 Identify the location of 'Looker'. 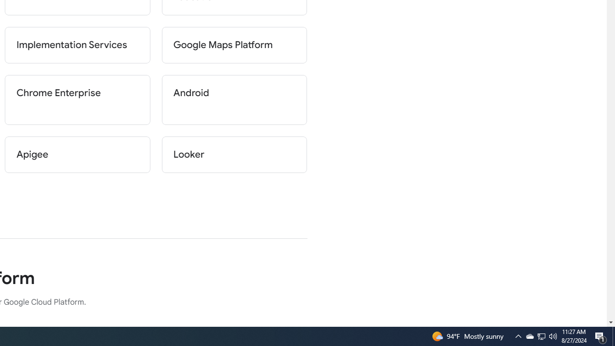
(234, 154).